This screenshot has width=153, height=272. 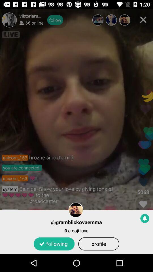 I want to click on the profile app, so click(x=98, y=243).